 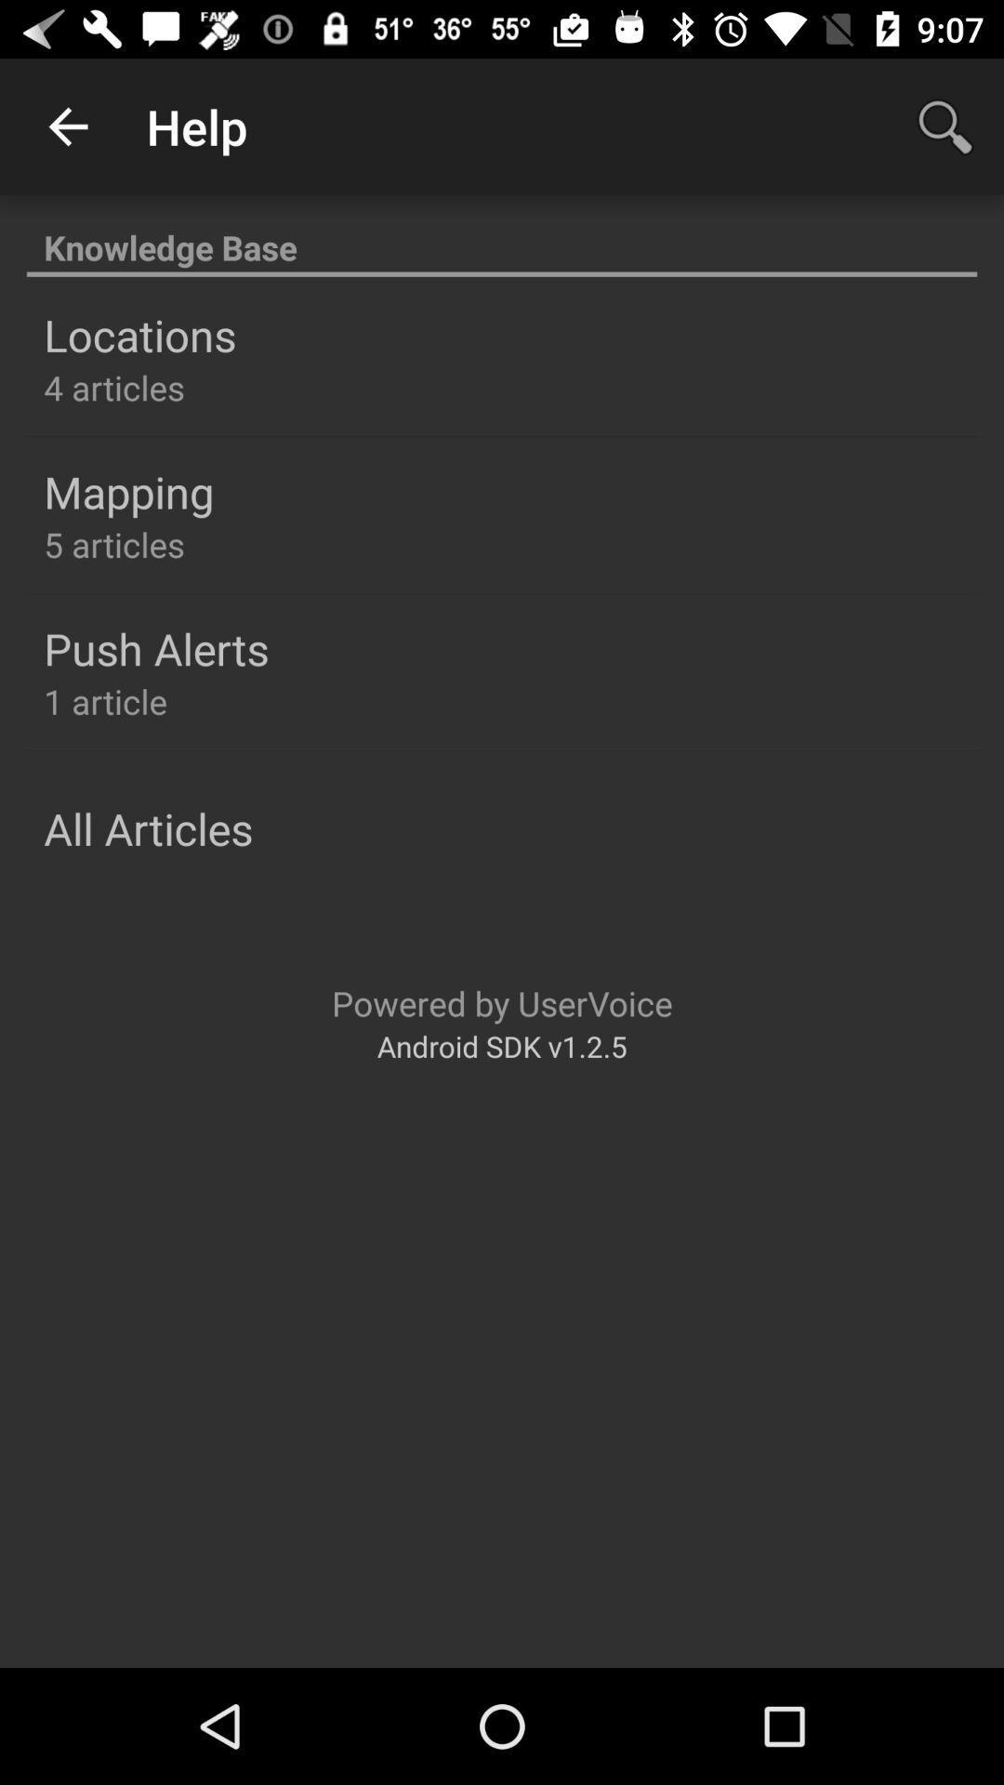 I want to click on item above the knowledge base, so click(x=945, y=126).